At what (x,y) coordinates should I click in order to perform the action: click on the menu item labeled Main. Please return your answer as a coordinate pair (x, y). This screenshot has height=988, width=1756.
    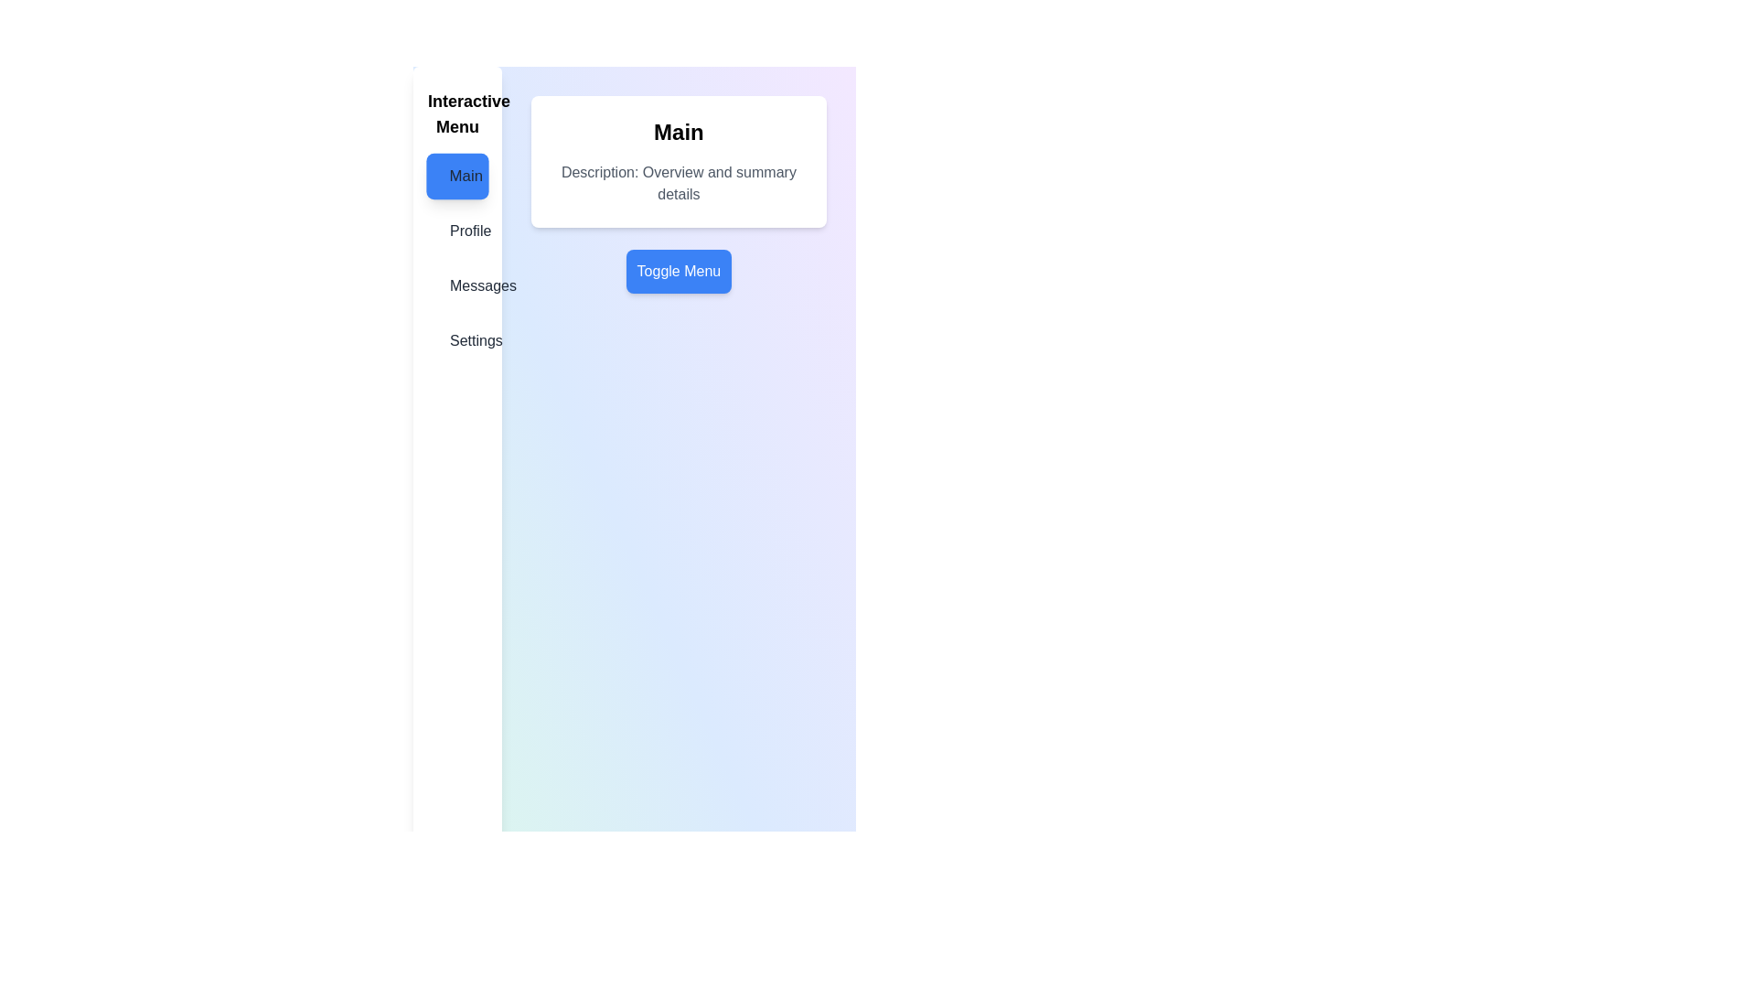
    Looking at the image, I should click on (456, 176).